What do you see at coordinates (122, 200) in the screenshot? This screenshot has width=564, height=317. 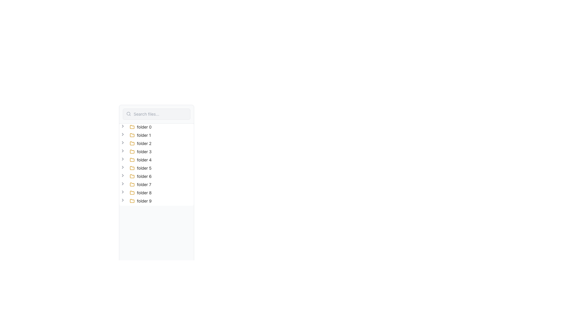 I see `the right-pointing chevron icon next to 'folder 9'` at bounding box center [122, 200].